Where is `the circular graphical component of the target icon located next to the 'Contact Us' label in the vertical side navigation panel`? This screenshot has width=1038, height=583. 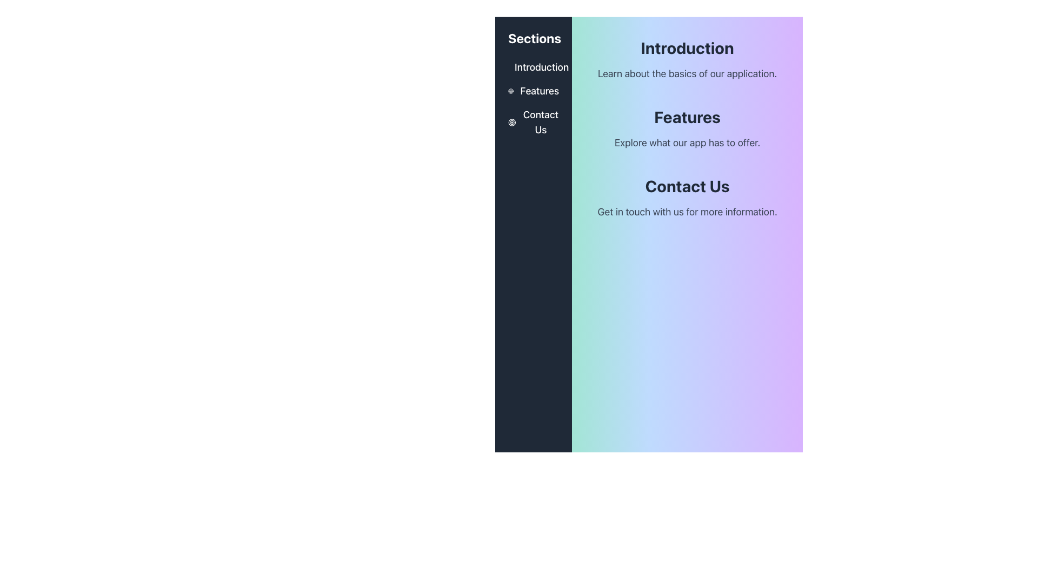 the circular graphical component of the target icon located next to the 'Contact Us' label in the vertical side navigation panel is located at coordinates (511, 122).